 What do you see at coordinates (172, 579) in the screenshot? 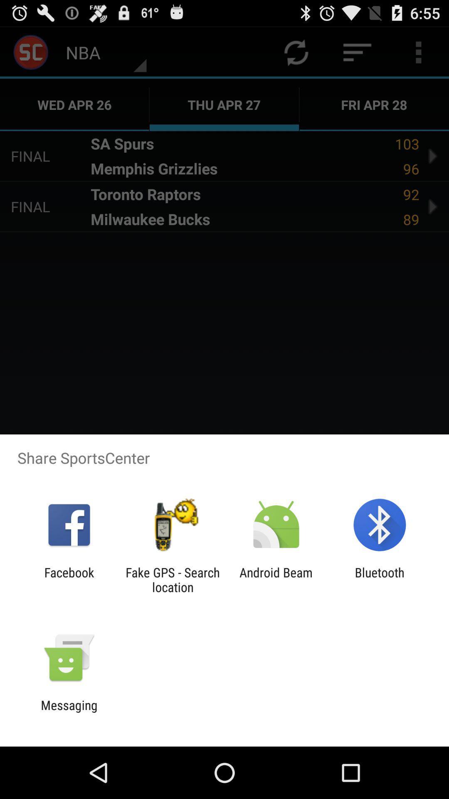
I see `icon to the left of the android beam app` at bounding box center [172, 579].